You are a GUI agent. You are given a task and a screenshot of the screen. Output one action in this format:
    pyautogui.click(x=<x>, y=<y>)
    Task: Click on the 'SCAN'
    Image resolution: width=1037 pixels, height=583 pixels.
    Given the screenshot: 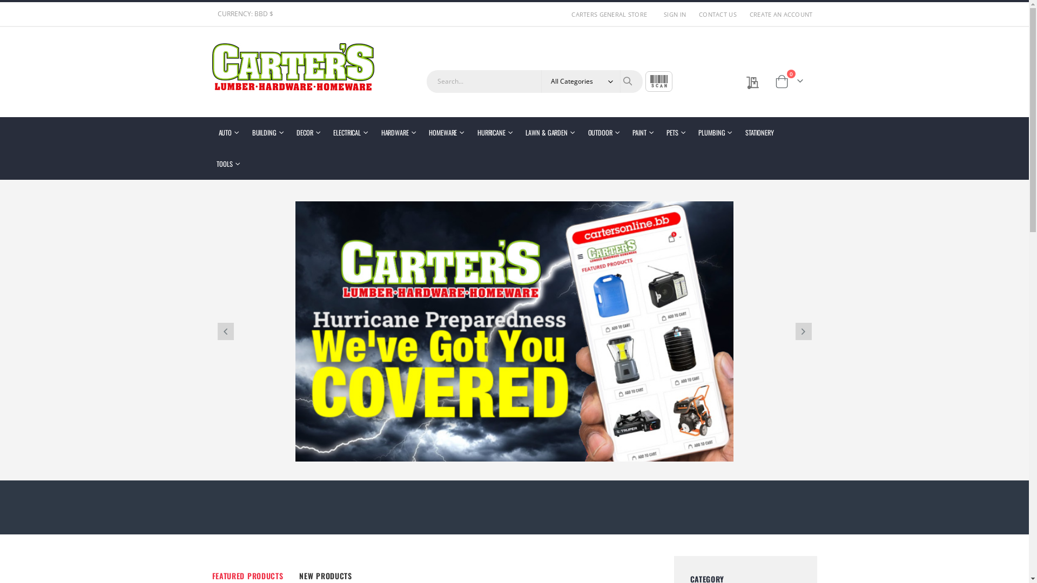 What is the action you would take?
    pyautogui.click(x=658, y=80)
    